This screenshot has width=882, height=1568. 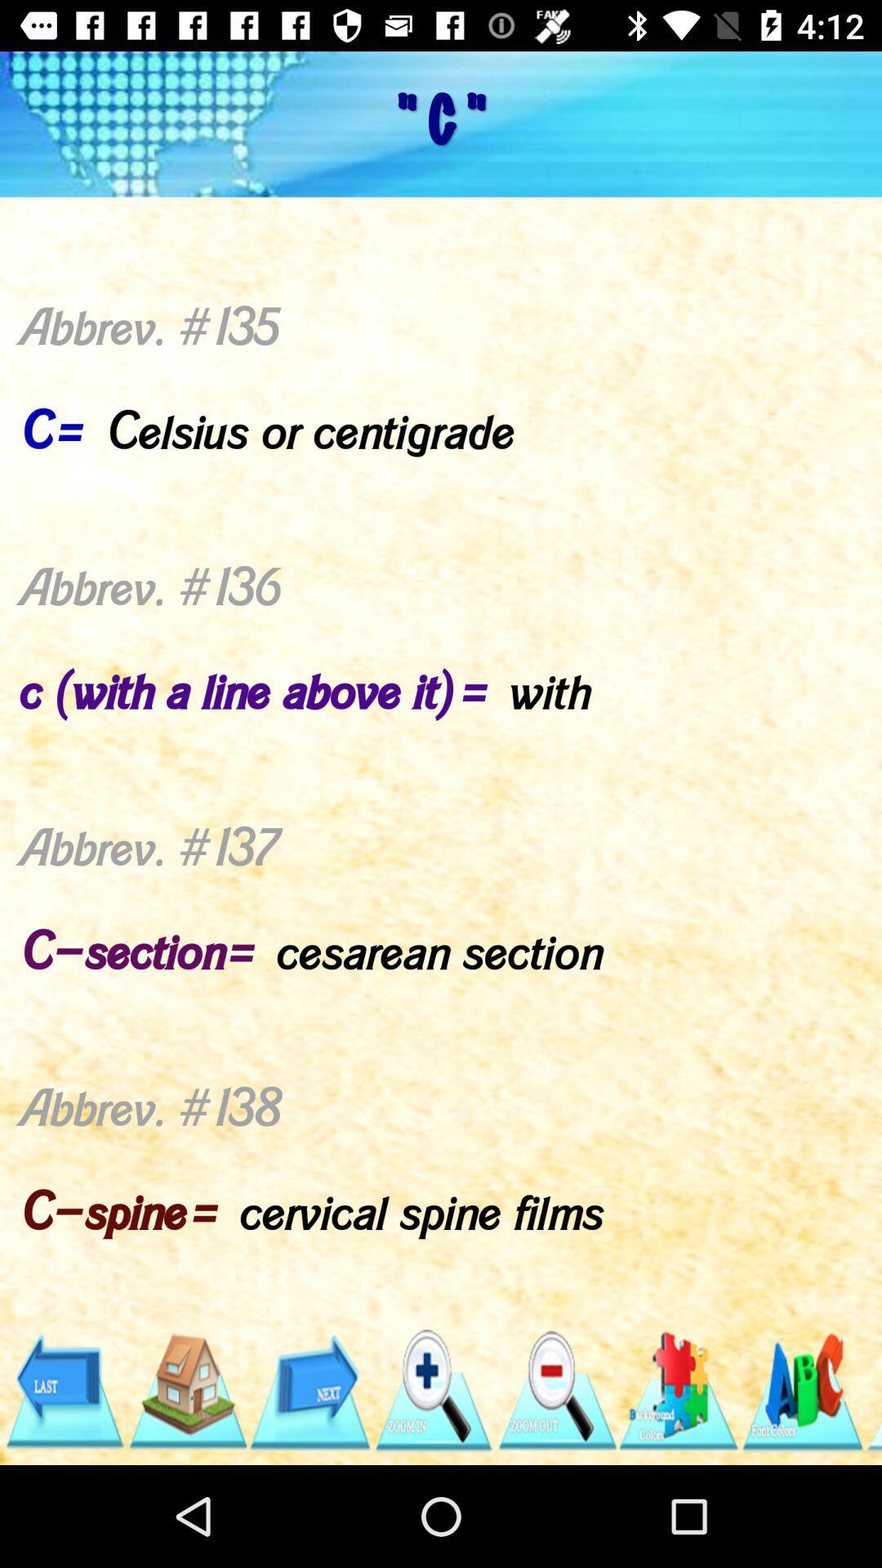 What do you see at coordinates (310, 1390) in the screenshot?
I see `got to next` at bounding box center [310, 1390].